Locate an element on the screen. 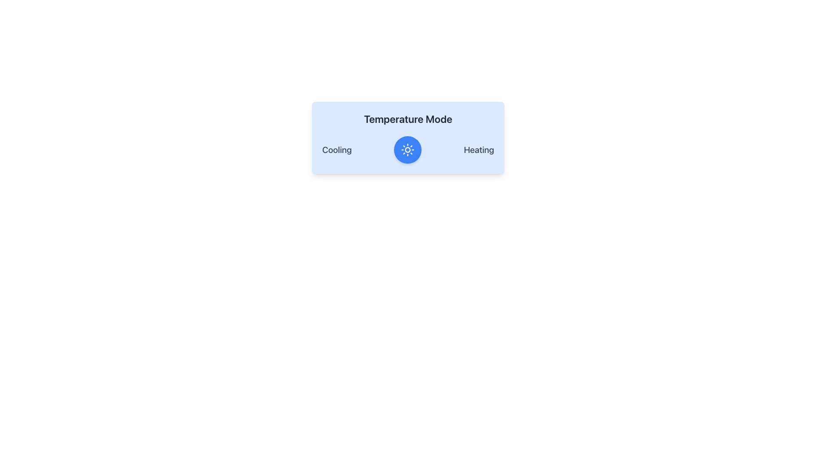 The image size is (825, 464). the circular icon within the 'Temperature Mode' selection interface, which symbolizes a neutral state is located at coordinates (407, 149).